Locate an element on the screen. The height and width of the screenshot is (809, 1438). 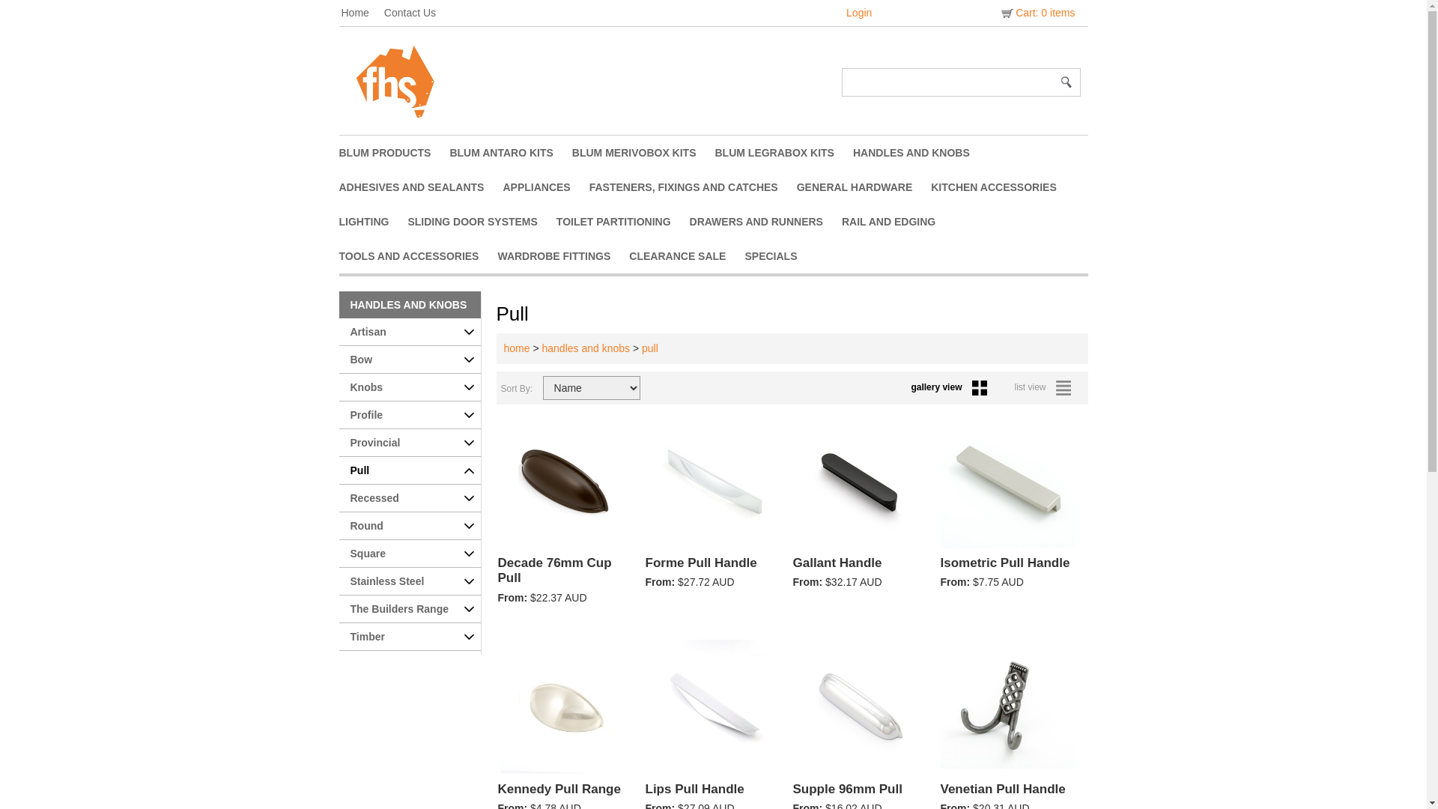
'BLUM LEGRABOX KITS' is located at coordinates (783, 153).